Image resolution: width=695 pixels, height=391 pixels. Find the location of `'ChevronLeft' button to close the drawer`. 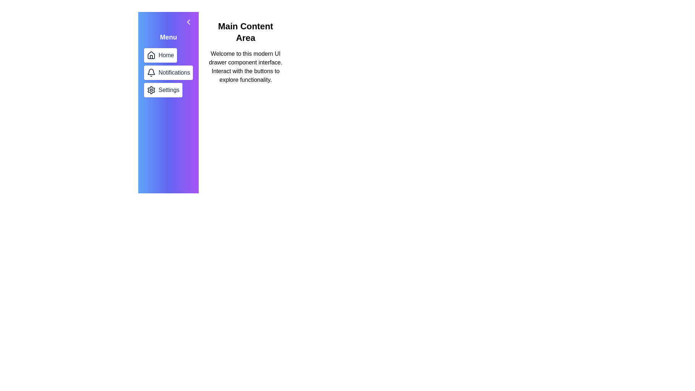

'ChevronLeft' button to close the drawer is located at coordinates (189, 22).